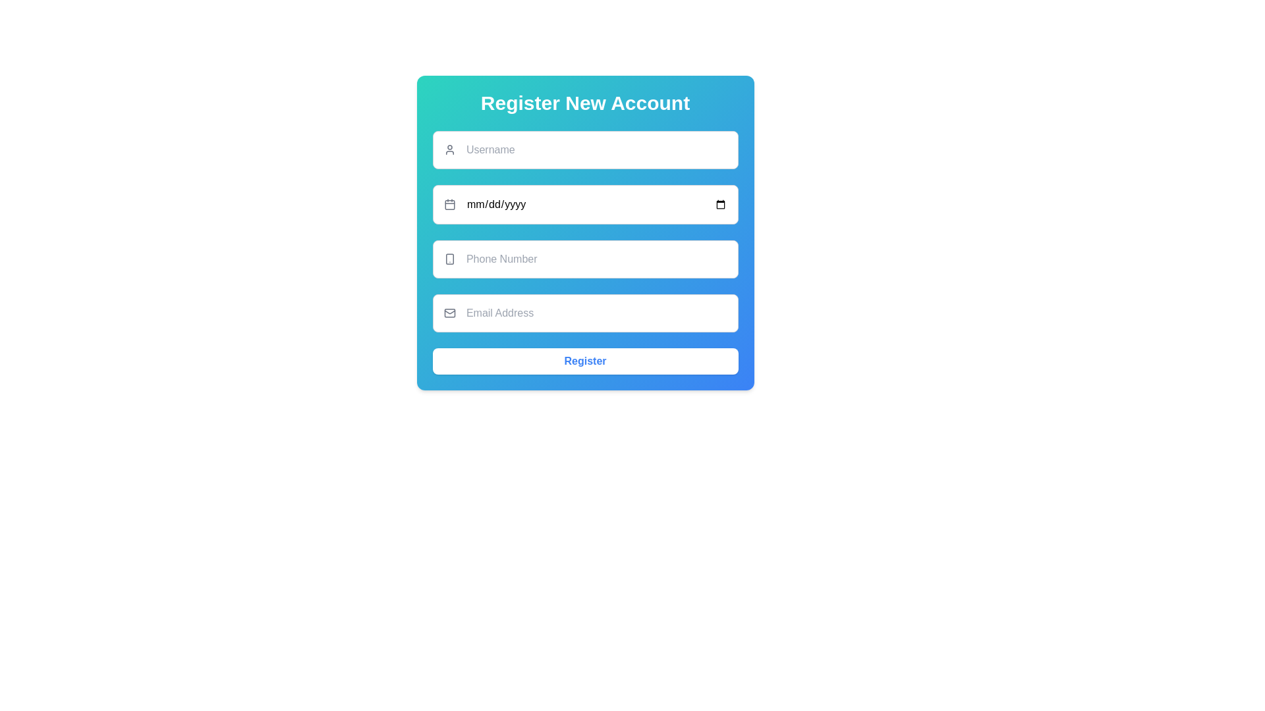  Describe the element at coordinates (584, 259) in the screenshot. I see `the phone number input field, which is the third input in the registration form, to focus it` at that location.